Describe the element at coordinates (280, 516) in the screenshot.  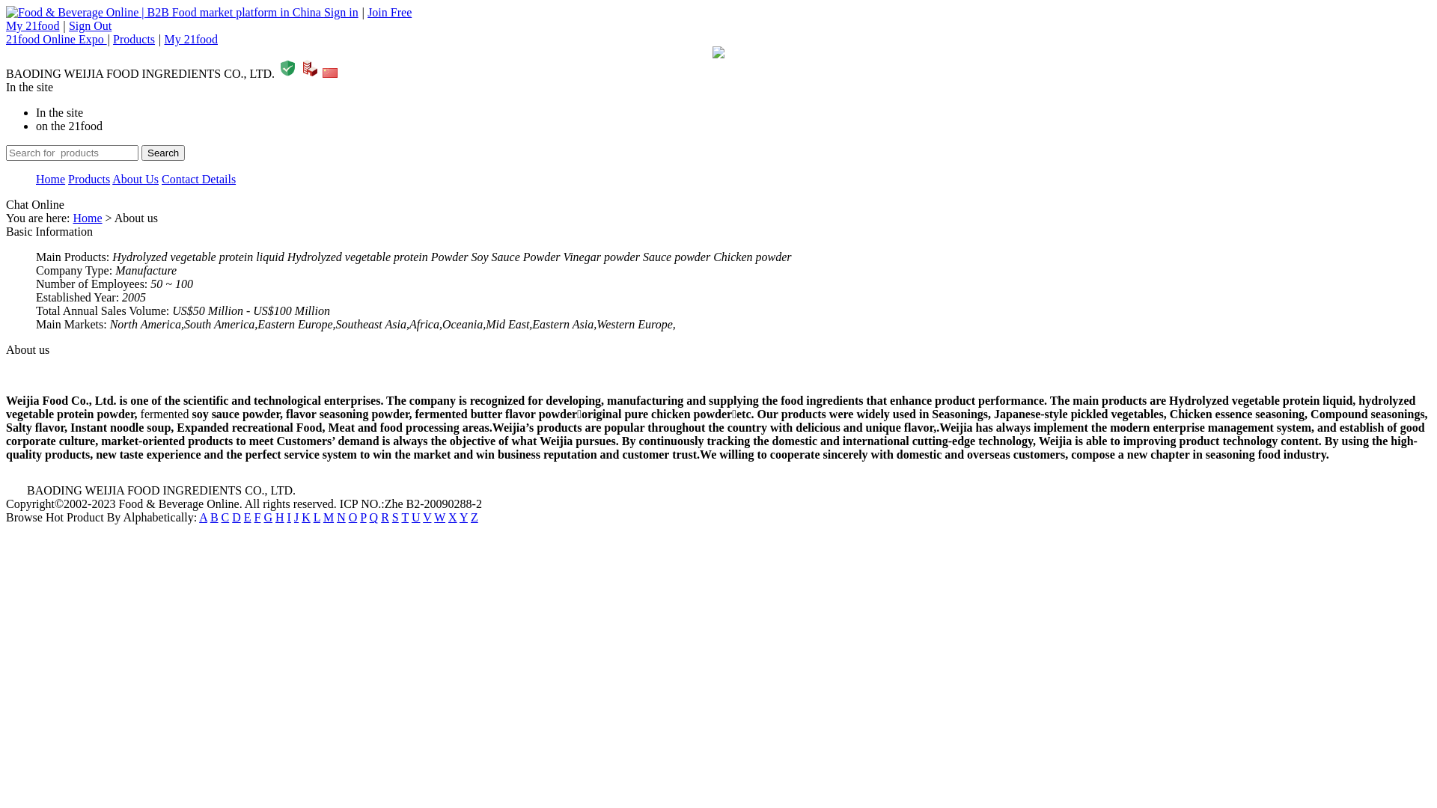
I see `'H'` at that location.